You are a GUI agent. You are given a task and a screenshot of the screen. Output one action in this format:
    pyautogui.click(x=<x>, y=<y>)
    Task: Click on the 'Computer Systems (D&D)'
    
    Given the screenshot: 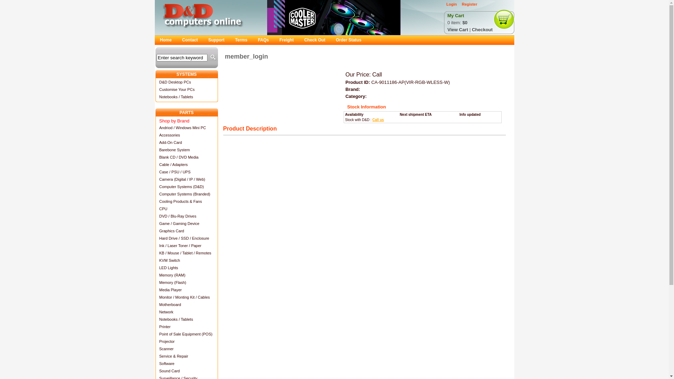 What is the action you would take?
    pyautogui.click(x=186, y=186)
    